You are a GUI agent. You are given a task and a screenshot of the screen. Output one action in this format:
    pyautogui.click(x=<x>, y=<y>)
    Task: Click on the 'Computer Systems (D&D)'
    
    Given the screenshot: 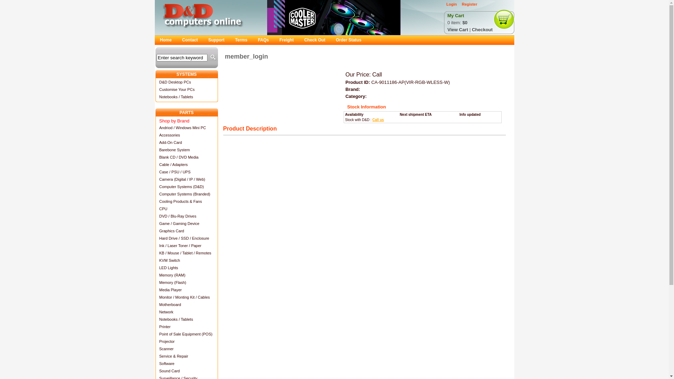 What is the action you would take?
    pyautogui.click(x=186, y=186)
    